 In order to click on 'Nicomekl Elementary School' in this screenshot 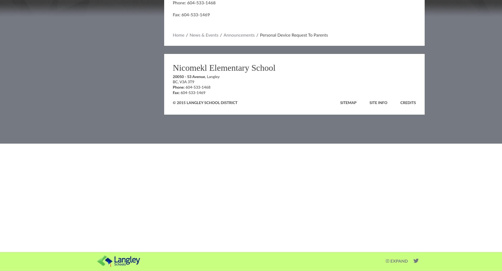, I will do `click(224, 68)`.